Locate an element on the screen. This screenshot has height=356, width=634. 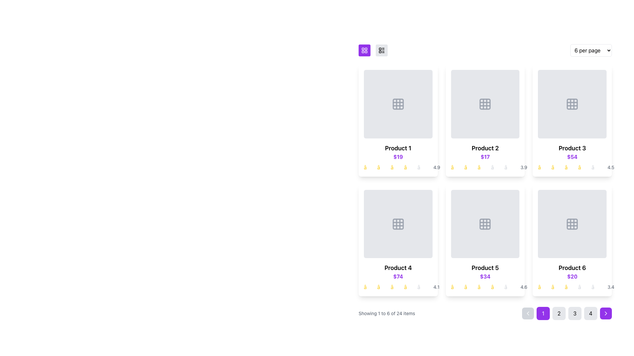
the composite UI element that displays the product's title, price, and rating in the second column of the top row of the grid is located at coordinates (485, 157).